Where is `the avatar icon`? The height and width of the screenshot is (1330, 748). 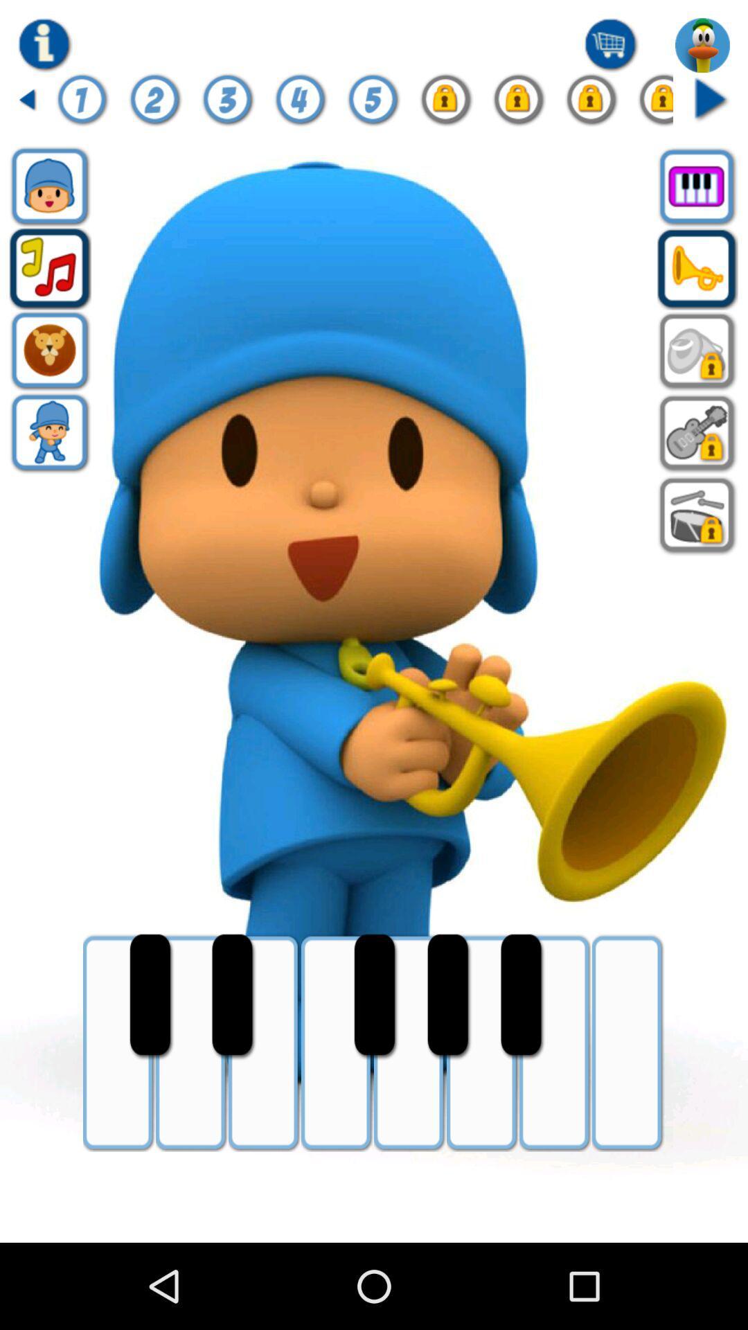
the avatar icon is located at coordinates (49, 463).